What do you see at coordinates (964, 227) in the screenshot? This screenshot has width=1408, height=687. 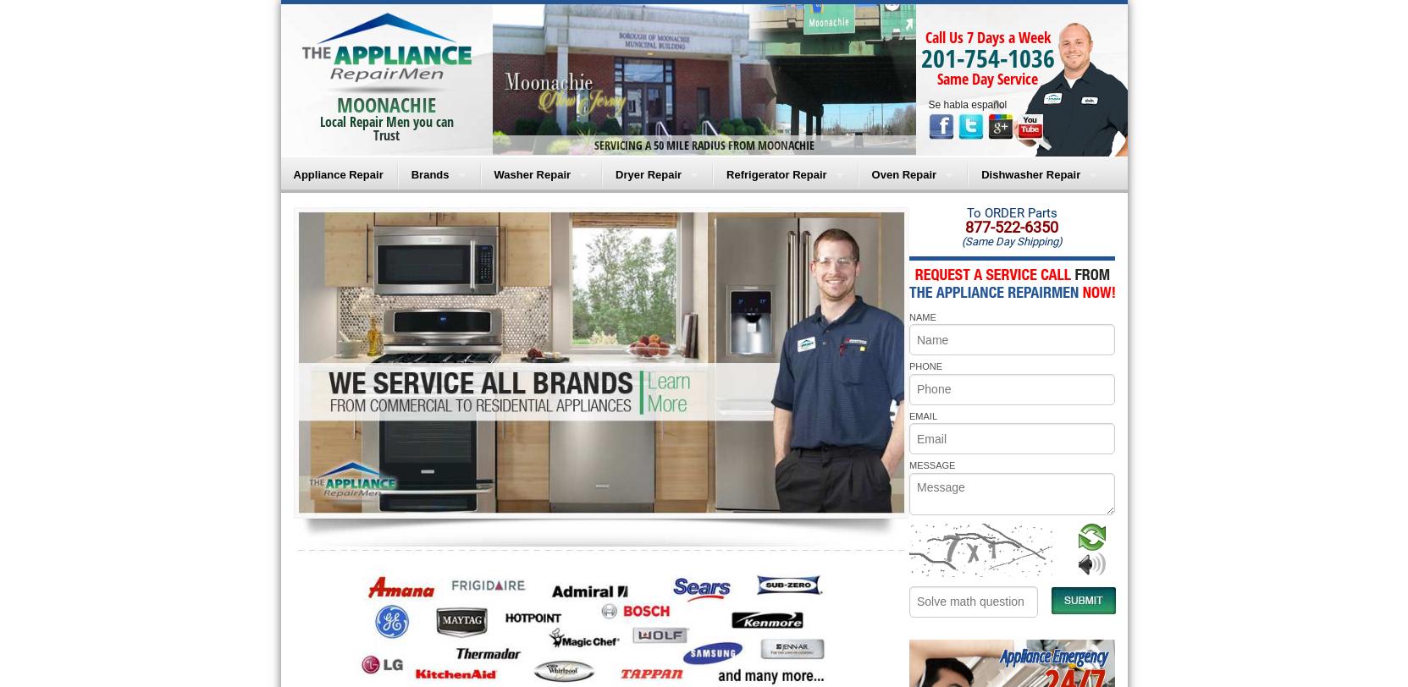 I see `'877-522-6350'` at bounding box center [964, 227].